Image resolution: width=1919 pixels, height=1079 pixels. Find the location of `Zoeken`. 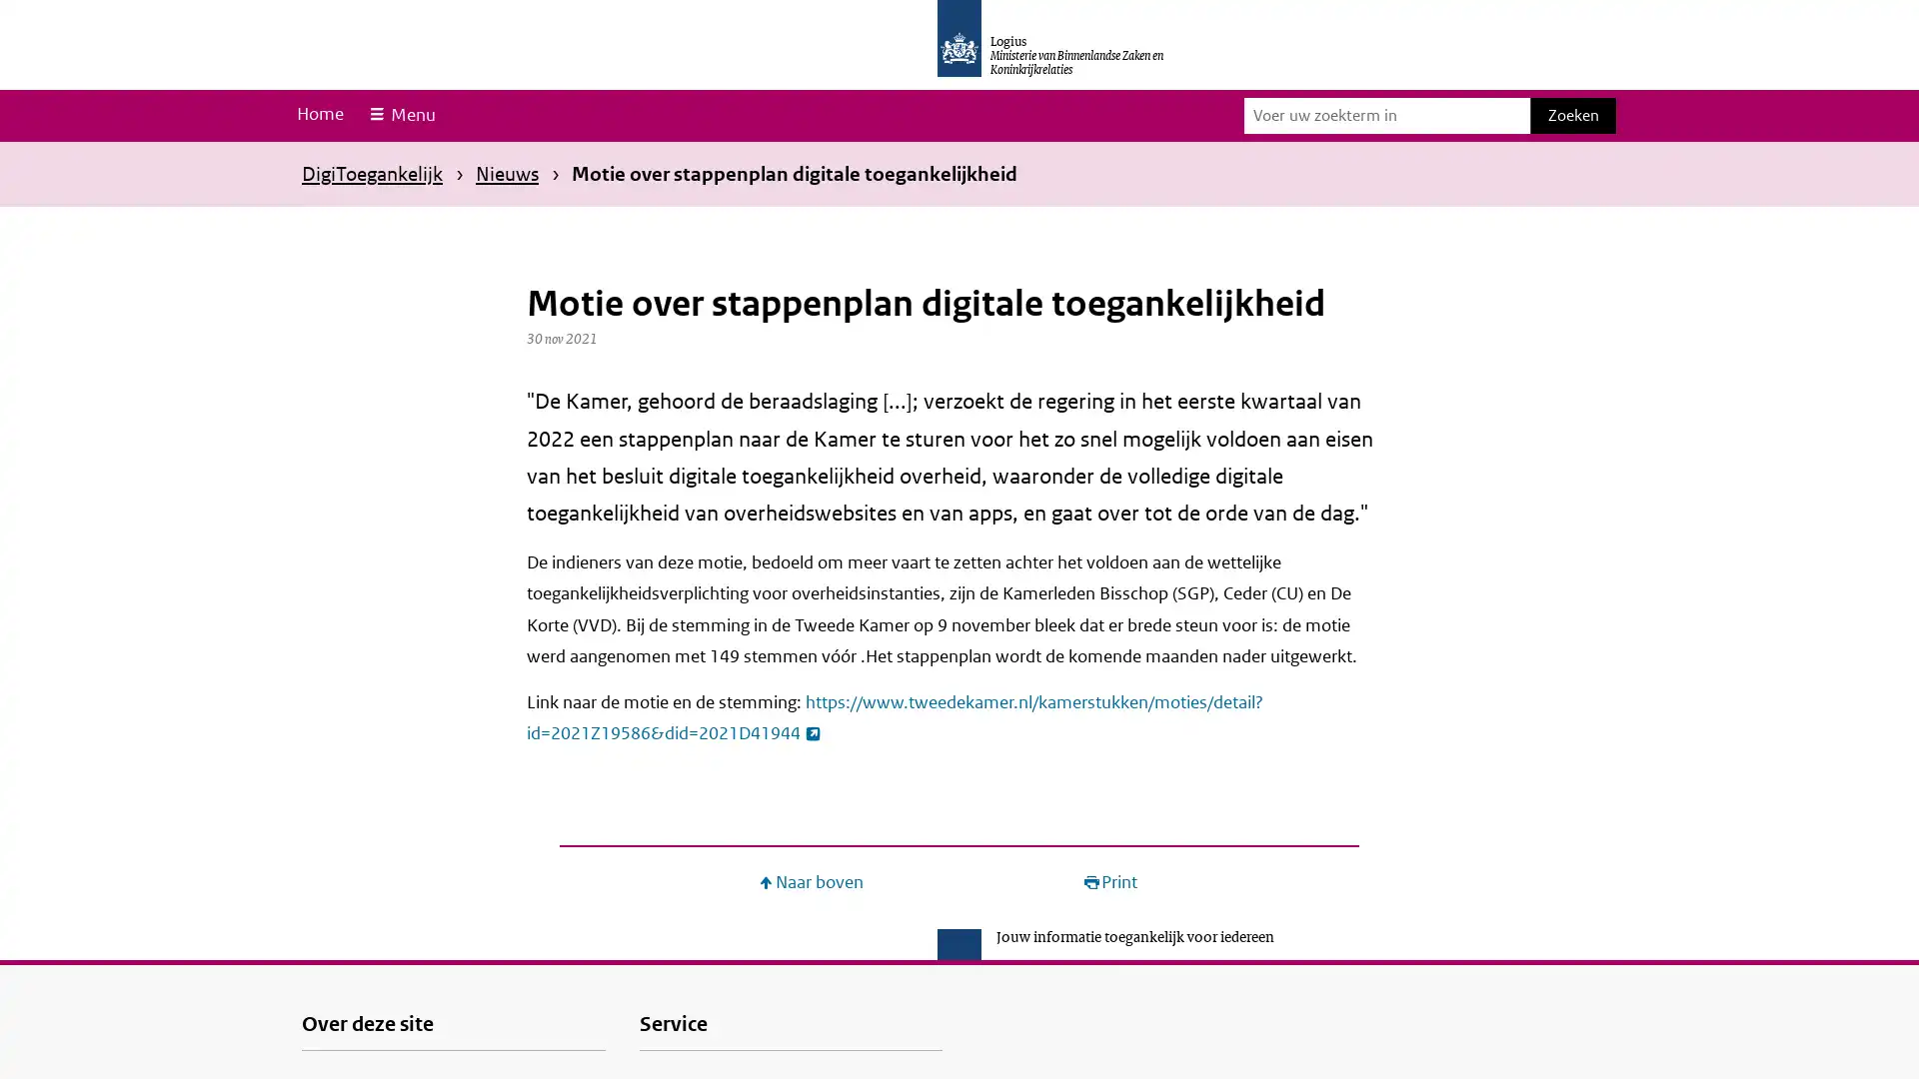

Zoeken is located at coordinates (1572, 115).